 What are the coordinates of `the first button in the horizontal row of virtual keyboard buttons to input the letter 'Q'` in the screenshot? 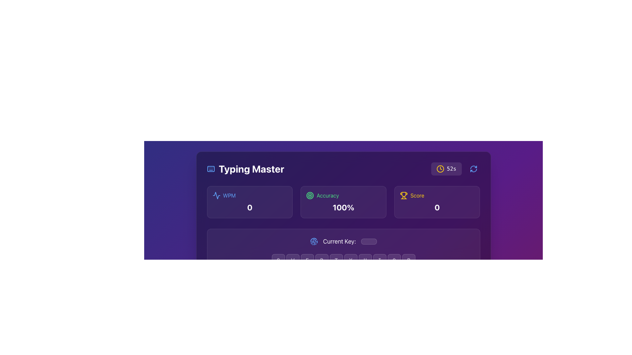 It's located at (278, 260).